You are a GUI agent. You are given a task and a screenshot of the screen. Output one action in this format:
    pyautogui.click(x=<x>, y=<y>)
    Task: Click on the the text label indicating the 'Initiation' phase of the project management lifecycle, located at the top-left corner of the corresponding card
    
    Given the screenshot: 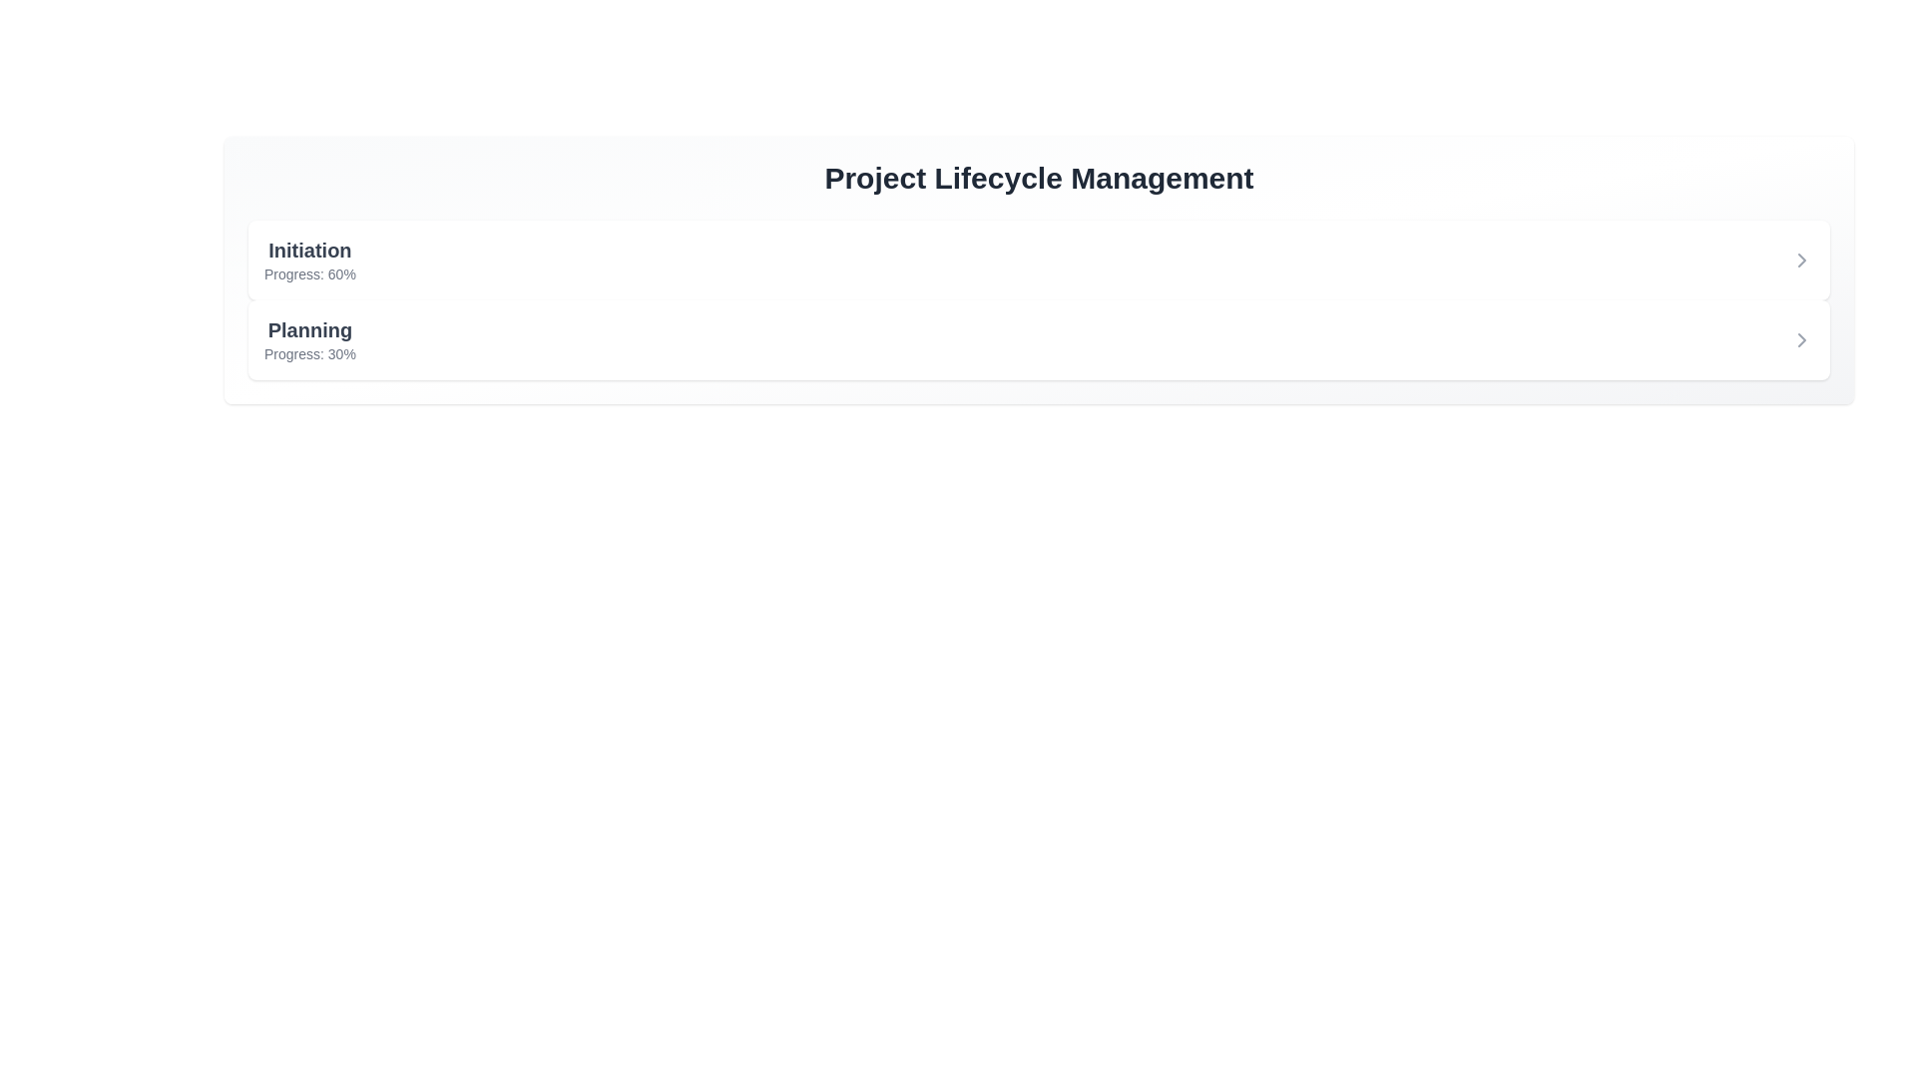 What is the action you would take?
    pyautogui.click(x=308, y=249)
    